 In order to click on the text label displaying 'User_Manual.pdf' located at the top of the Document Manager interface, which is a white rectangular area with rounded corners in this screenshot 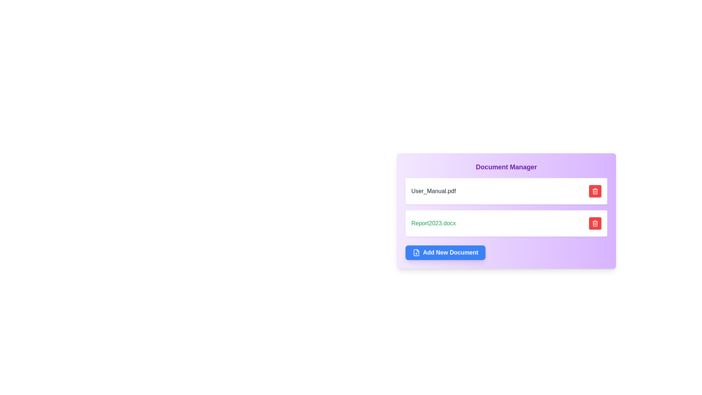, I will do `click(433, 191)`.